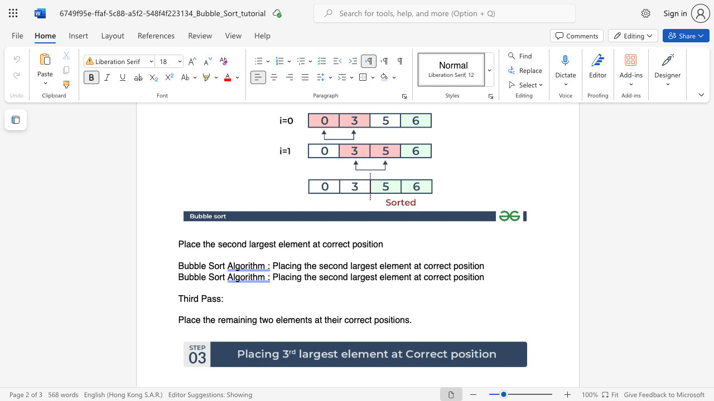 This screenshot has width=714, height=401. I want to click on the subset text "ird Pass:" within the text "Third Pass:", so click(189, 298).